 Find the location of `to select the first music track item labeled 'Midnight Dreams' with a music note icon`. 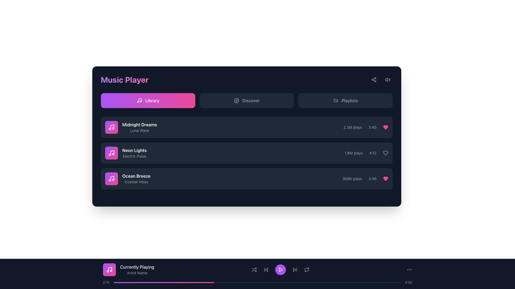

to select the first music track item labeled 'Midnight Dreams' with a music note icon is located at coordinates (131, 127).